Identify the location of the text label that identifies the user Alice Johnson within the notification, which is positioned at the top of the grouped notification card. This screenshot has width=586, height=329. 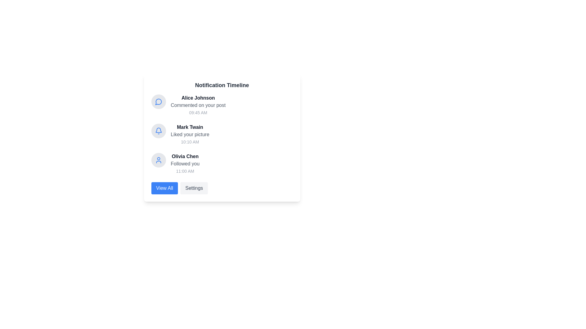
(198, 97).